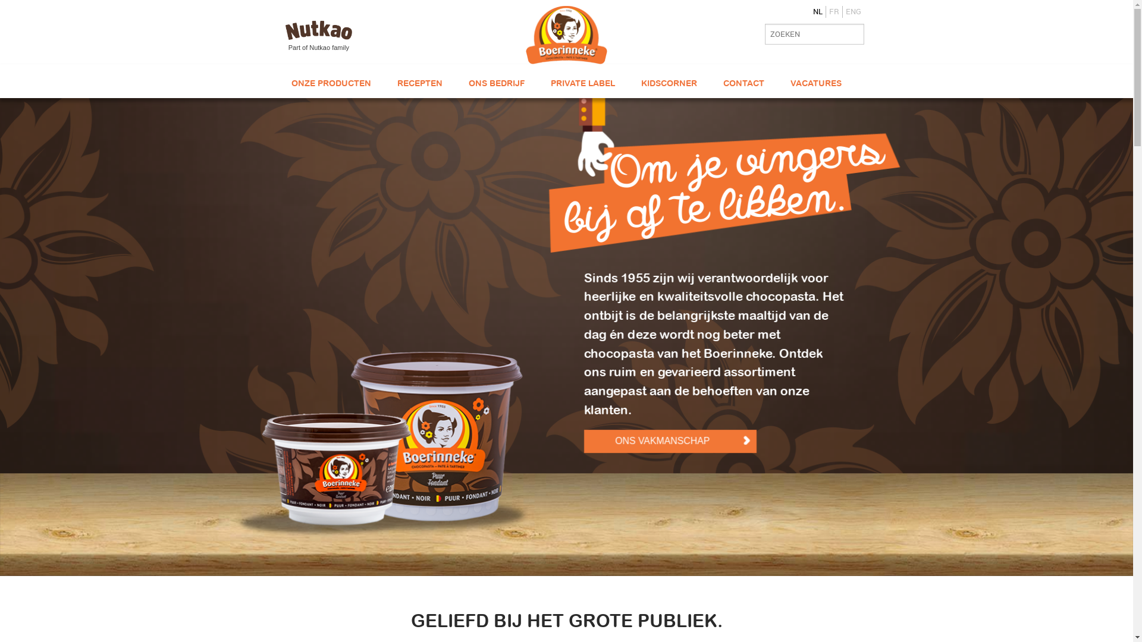  Describe the element at coordinates (743, 82) in the screenshot. I see `'CONTACT'` at that location.